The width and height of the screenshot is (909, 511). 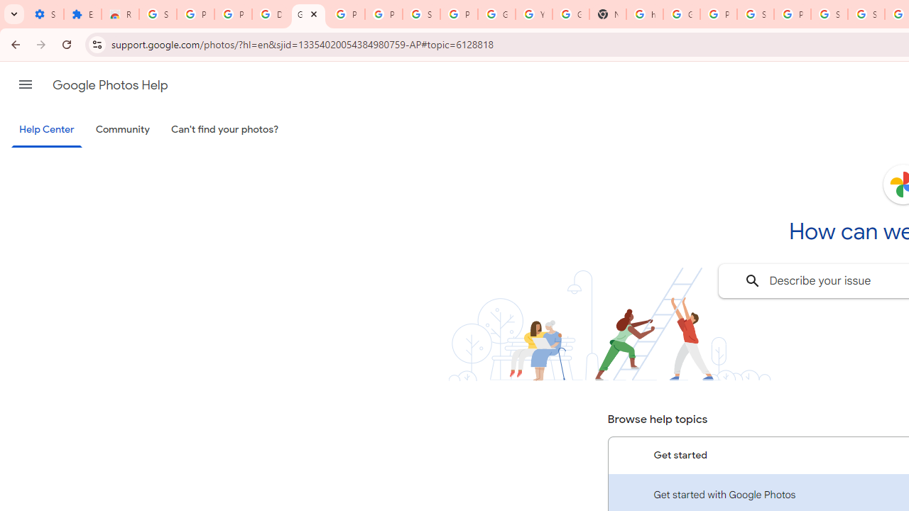 What do you see at coordinates (45, 14) in the screenshot?
I see `'Settings - On startup'` at bounding box center [45, 14].